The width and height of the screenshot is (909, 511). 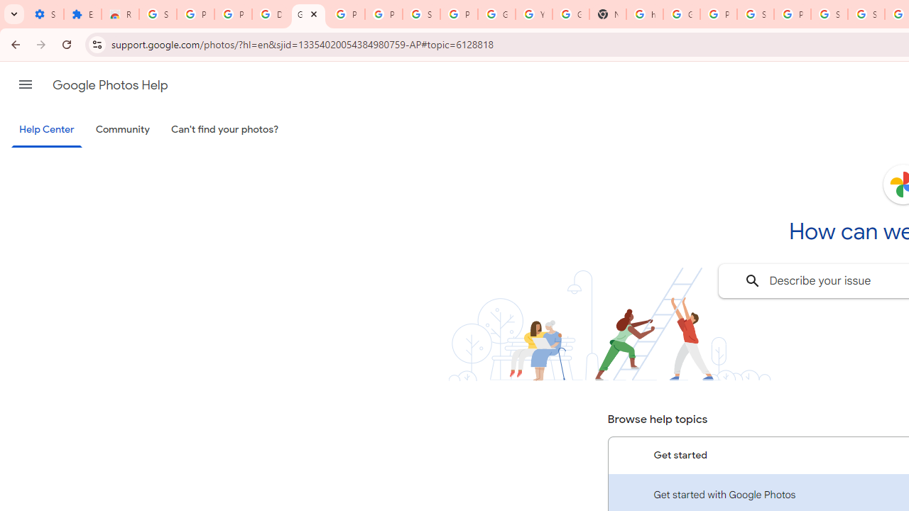 What do you see at coordinates (45, 14) in the screenshot?
I see `'Settings - On startup'` at bounding box center [45, 14].